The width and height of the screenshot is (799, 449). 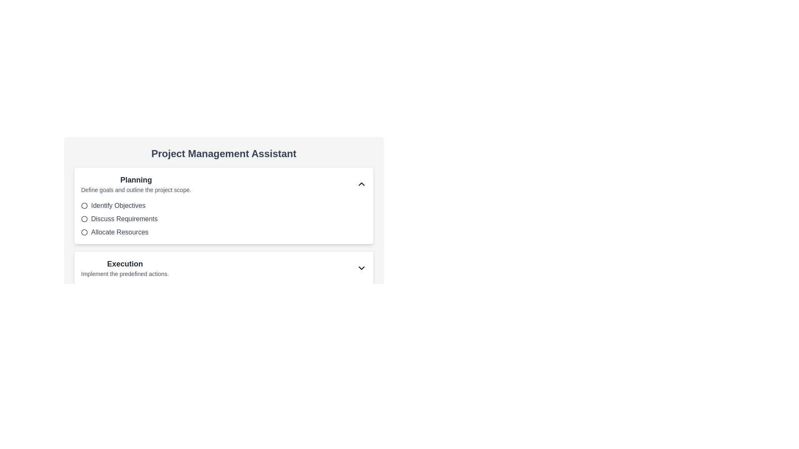 I want to click on the 'Discuss Requirements' text label, which is the second option under the 'Planning' section in the checklist, so click(x=124, y=219).